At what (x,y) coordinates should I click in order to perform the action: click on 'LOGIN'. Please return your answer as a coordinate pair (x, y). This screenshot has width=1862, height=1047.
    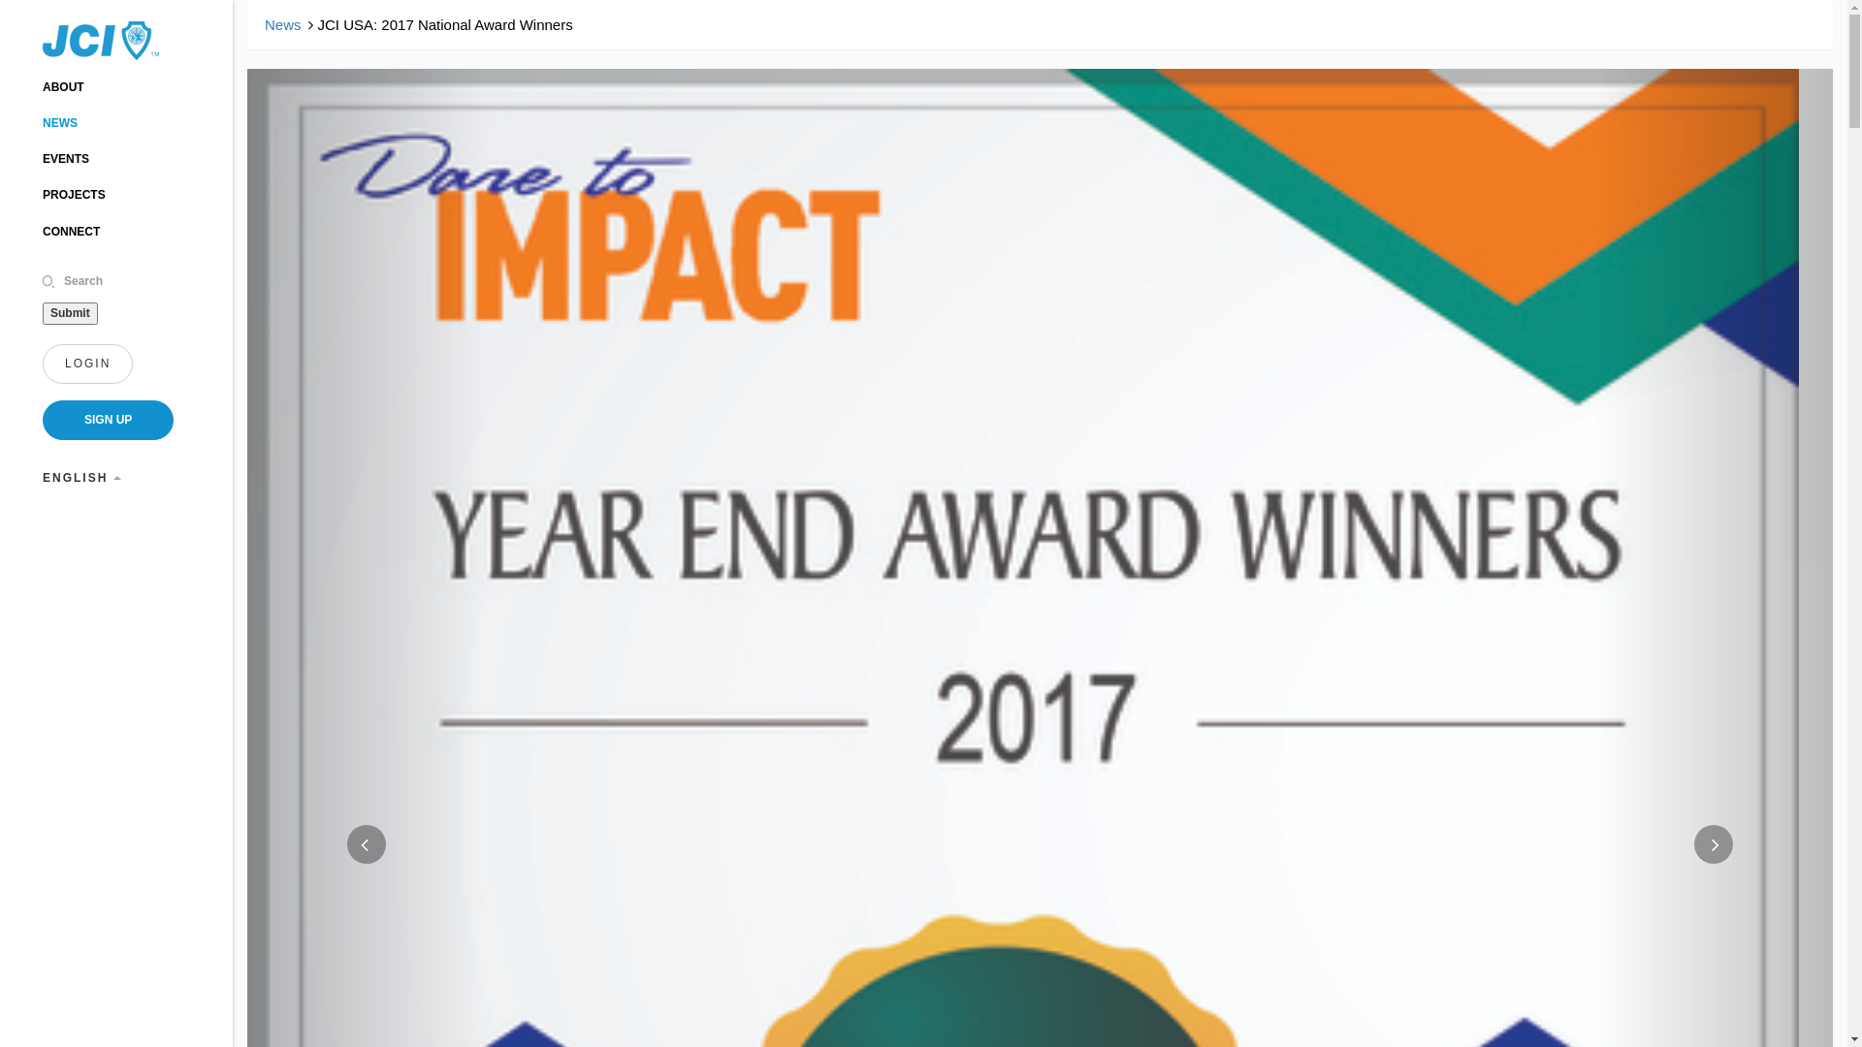
    Looking at the image, I should click on (86, 364).